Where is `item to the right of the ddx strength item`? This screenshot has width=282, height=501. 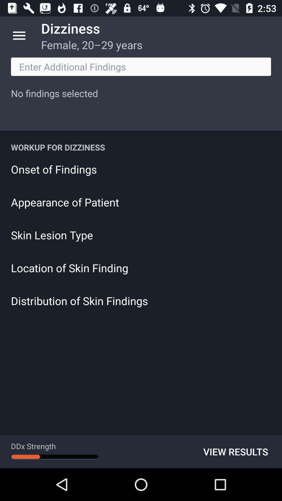
item to the right of the ddx strength item is located at coordinates (236, 451).